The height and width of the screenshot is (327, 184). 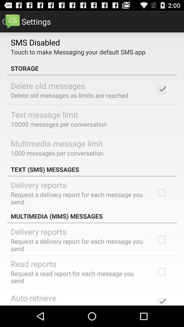 What do you see at coordinates (35, 42) in the screenshot?
I see `the item above touch to make` at bounding box center [35, 42].